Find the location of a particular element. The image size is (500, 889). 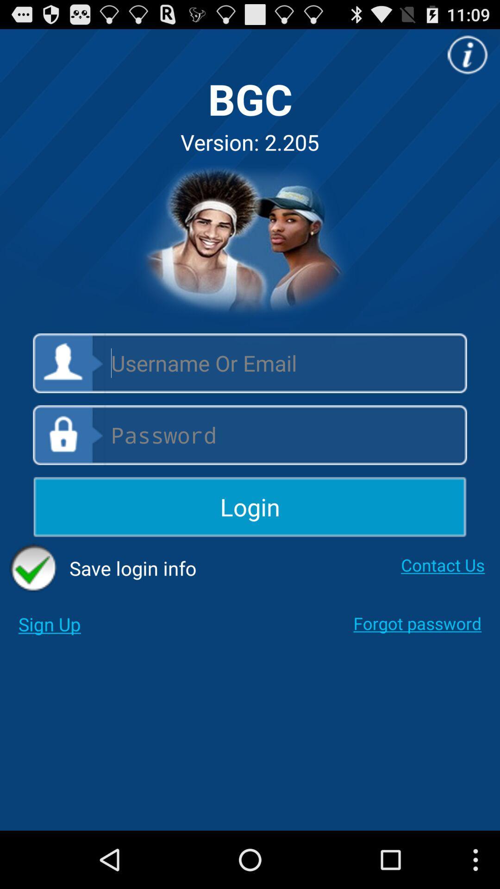

the icon at the bottom left corner is located at coordinates (50, 624).